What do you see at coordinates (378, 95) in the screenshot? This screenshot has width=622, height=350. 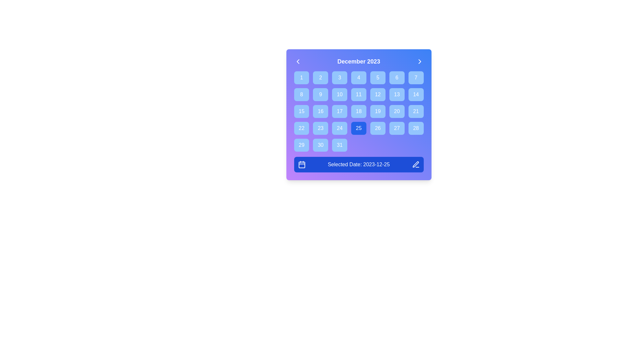 I see `the static calendar day cell representing the twelfth day of the month, located in the second row and fifth column of the calendar grid` at bounding box center [378, 95].